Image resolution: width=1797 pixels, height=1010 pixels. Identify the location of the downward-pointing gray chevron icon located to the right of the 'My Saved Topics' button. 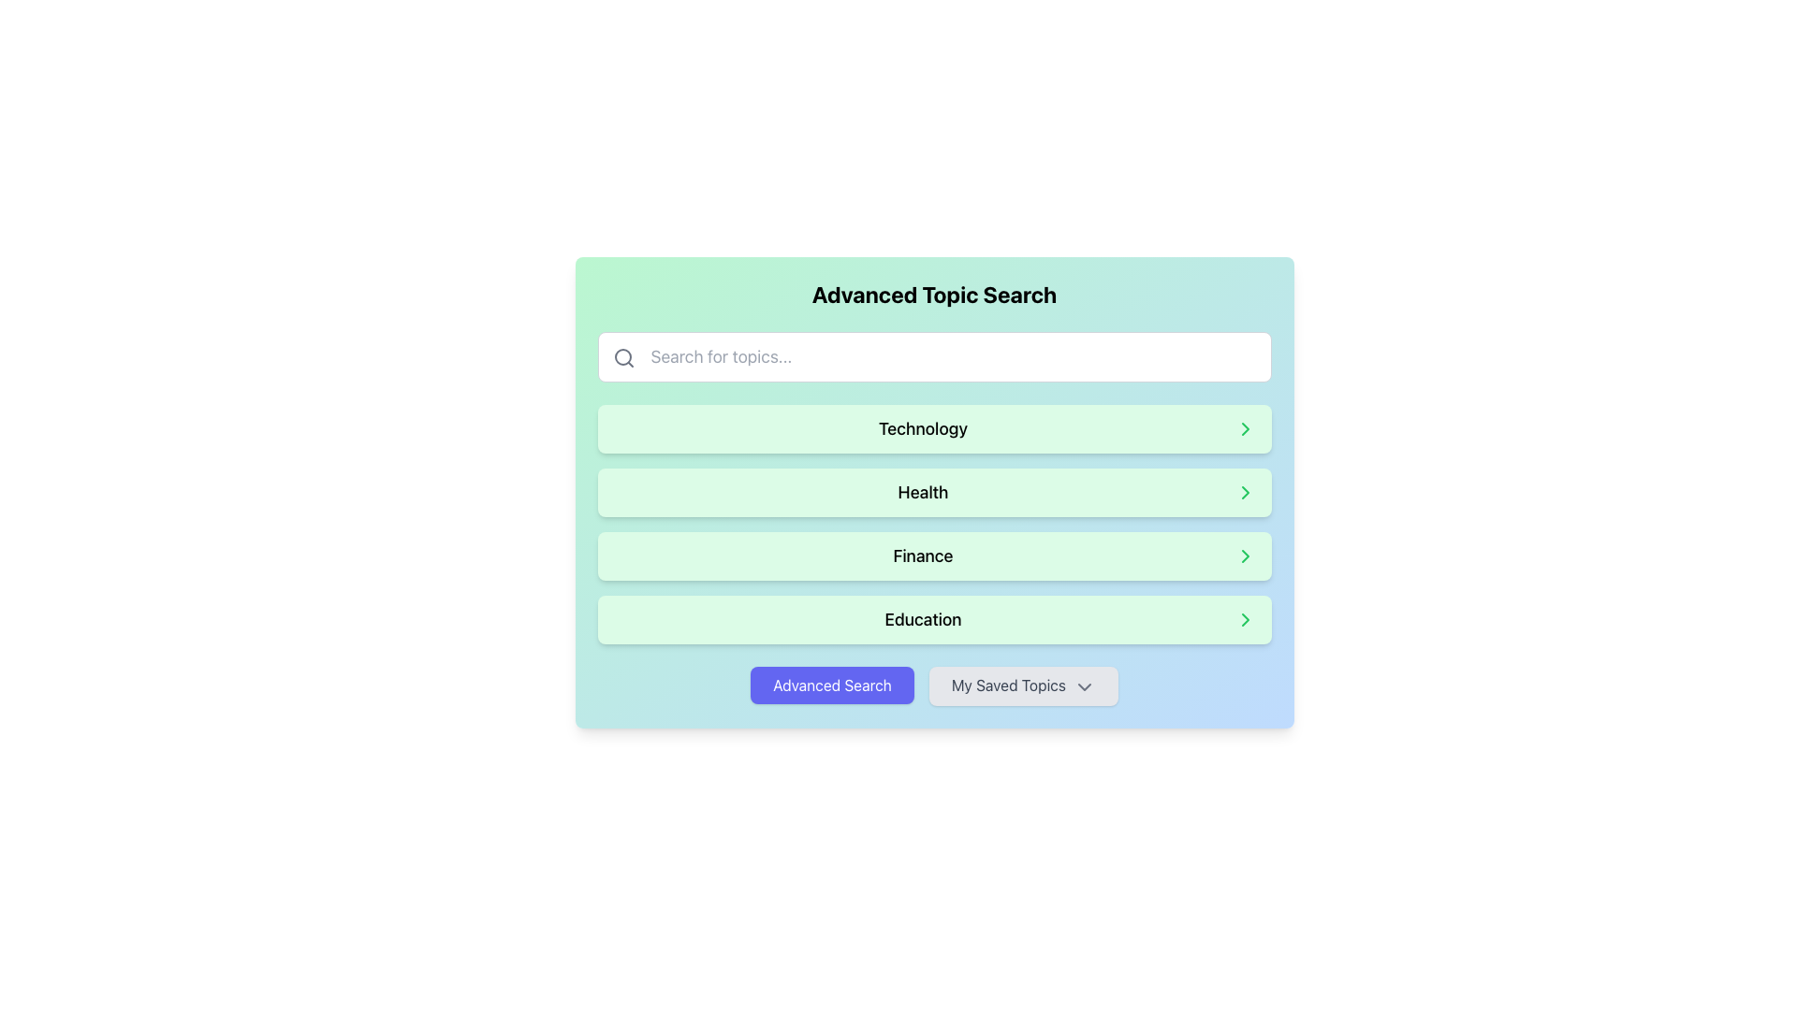
(1084, 686).